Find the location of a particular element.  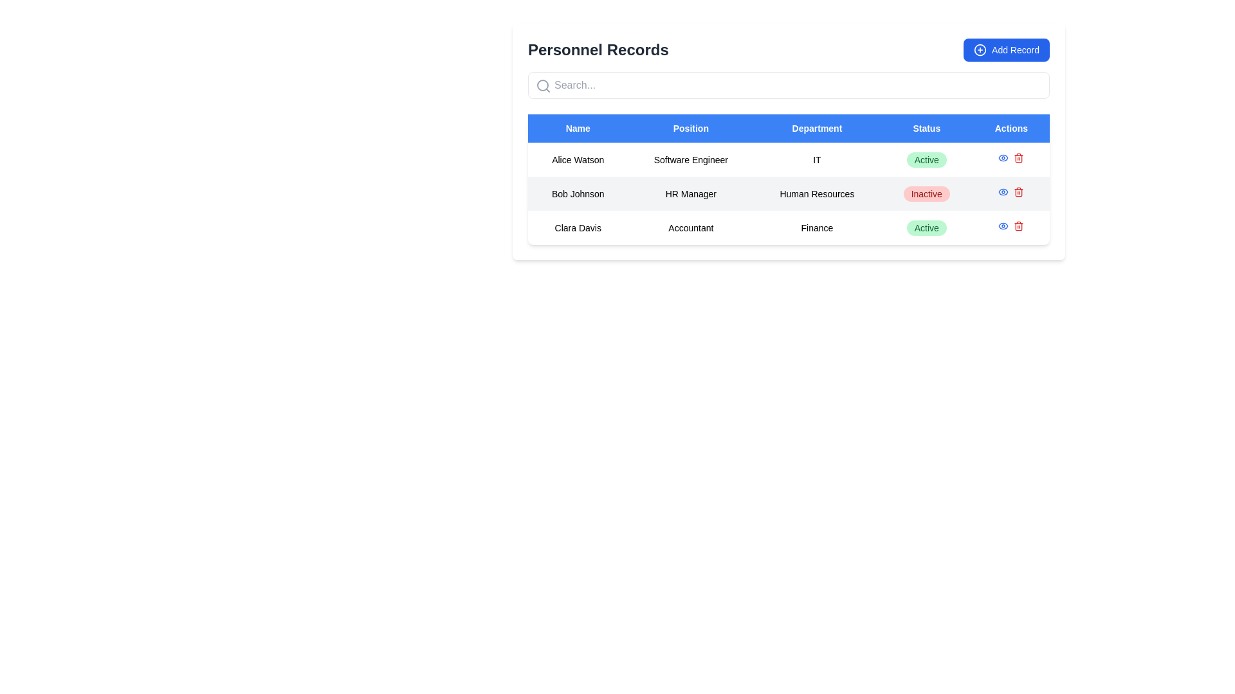

the non-interactive Text label in the third row of the table under the 'Department' column, which conveys the department associated with the individual is located at coordinates (816, 227).